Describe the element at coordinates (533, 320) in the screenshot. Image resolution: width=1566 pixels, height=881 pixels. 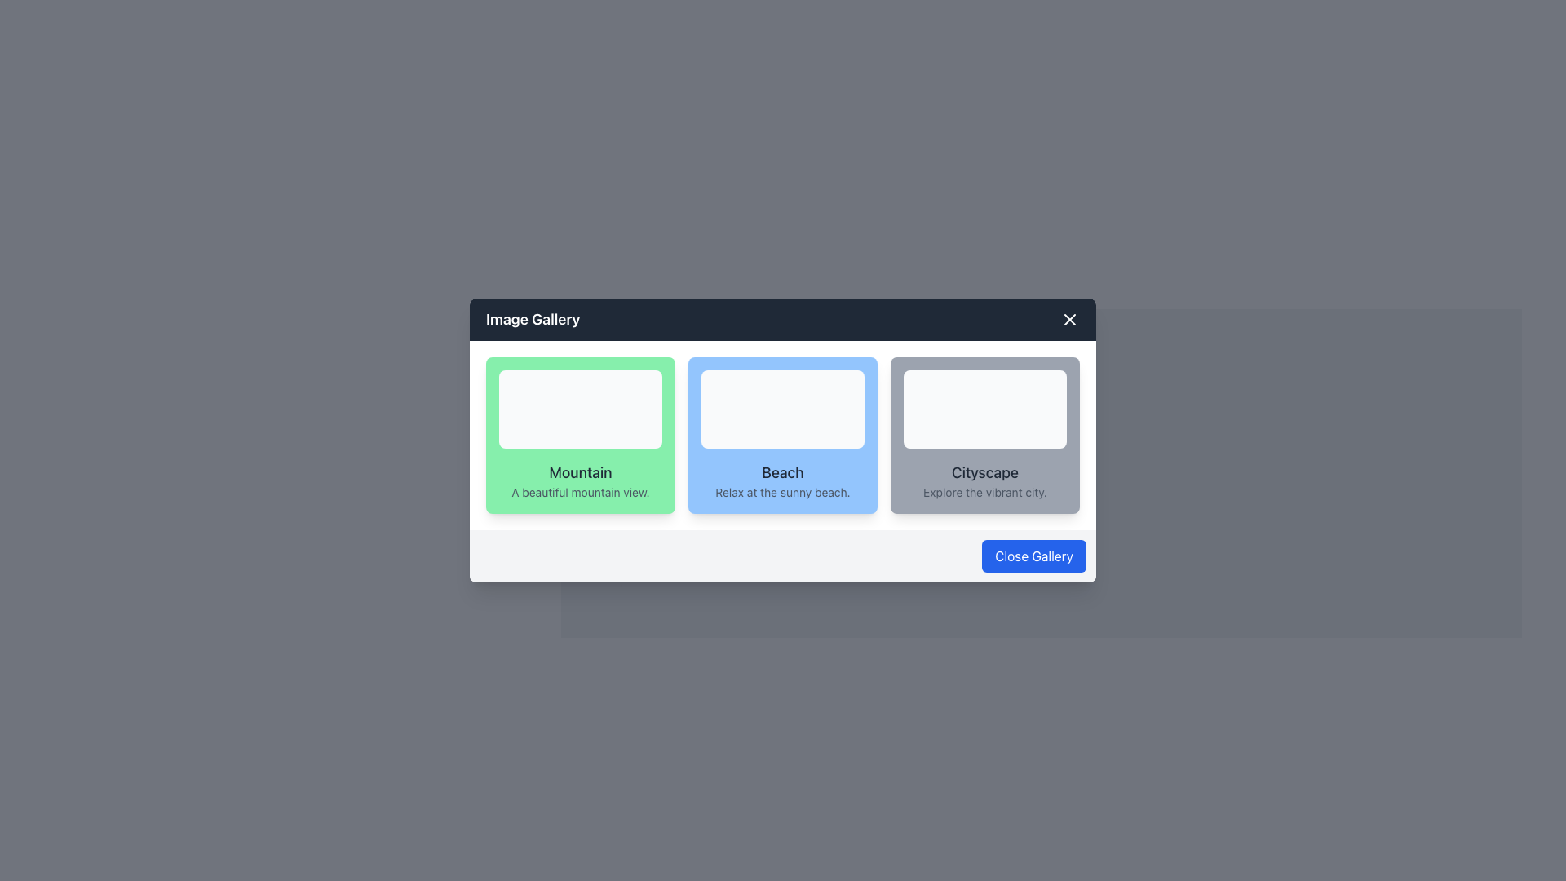
I see `the 'Image Gallery' text label located at the top-left corner of the header bar, which has a dark gray background and provides contextual information for the section below` at that location.